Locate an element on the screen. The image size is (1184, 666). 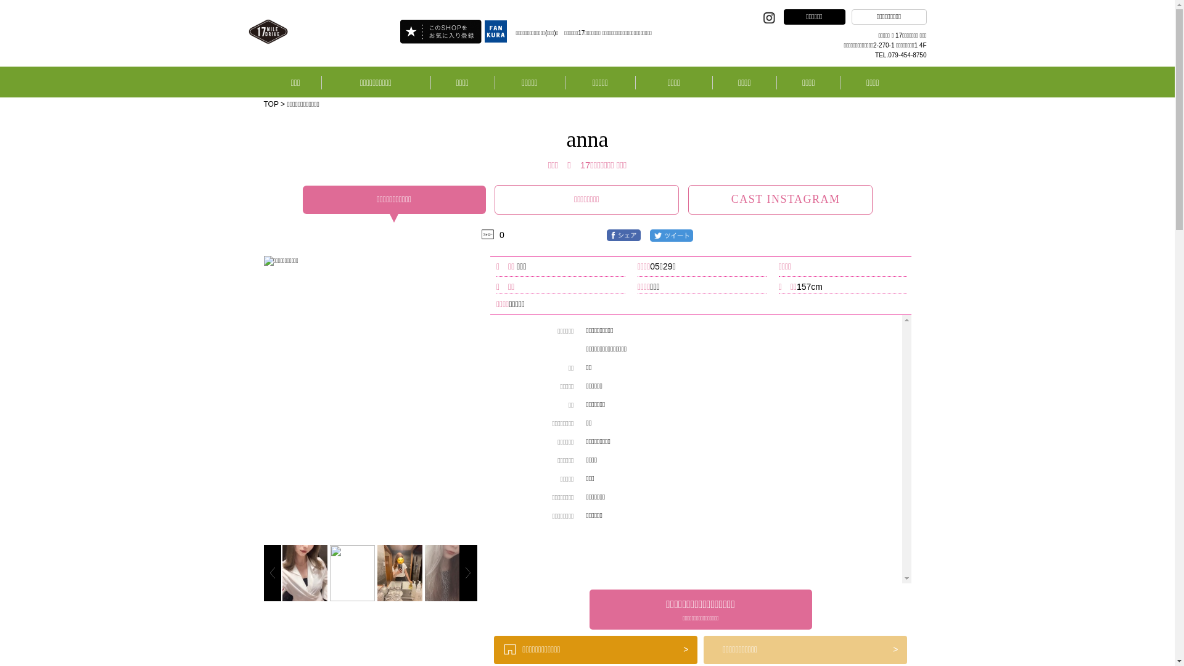
'TOP' is located at coordinates (271, 104).